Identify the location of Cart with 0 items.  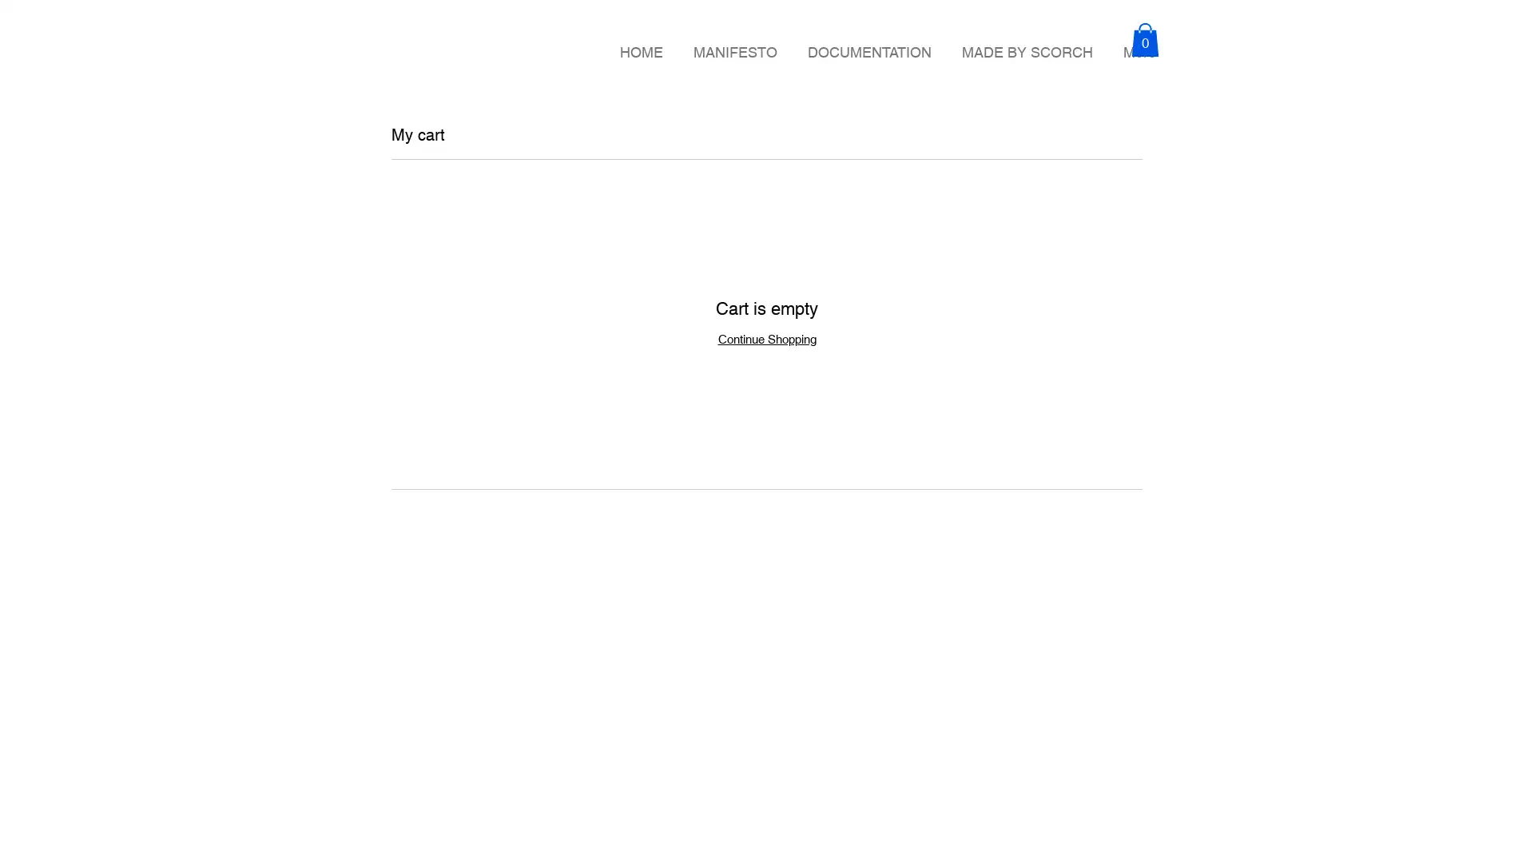
(1144, 38).